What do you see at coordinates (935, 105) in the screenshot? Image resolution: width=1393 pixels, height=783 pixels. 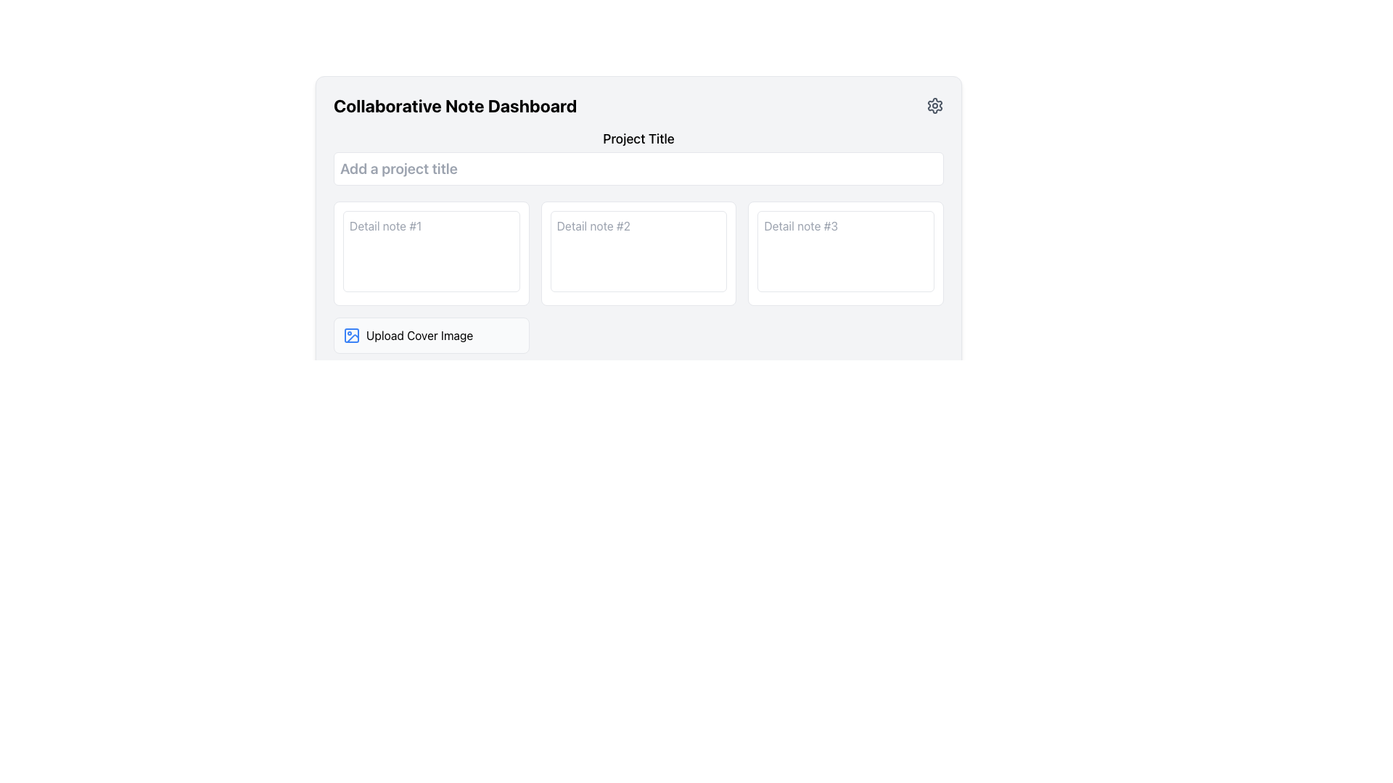 I see `the settings icon located at the top-right corner of the dashboard interface` at bounding box center [935, 105].